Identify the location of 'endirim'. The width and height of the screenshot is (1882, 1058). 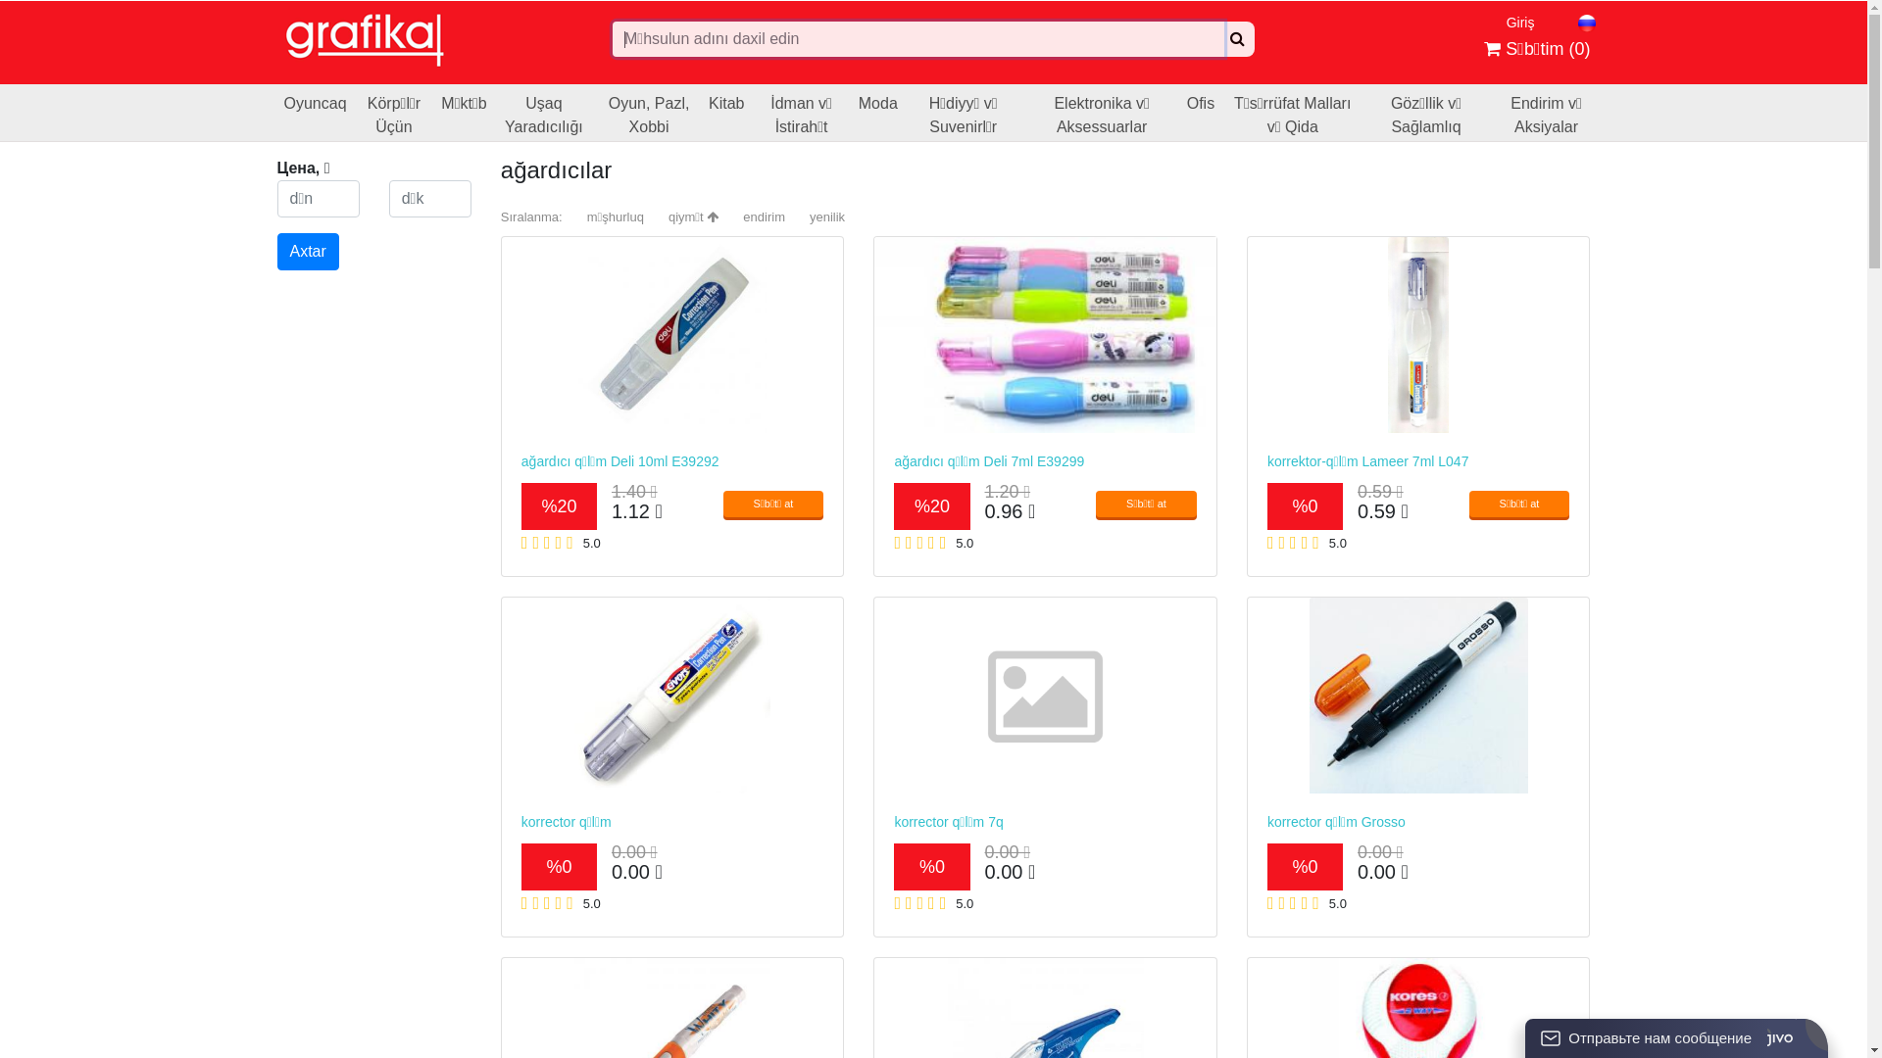
(763, 216).